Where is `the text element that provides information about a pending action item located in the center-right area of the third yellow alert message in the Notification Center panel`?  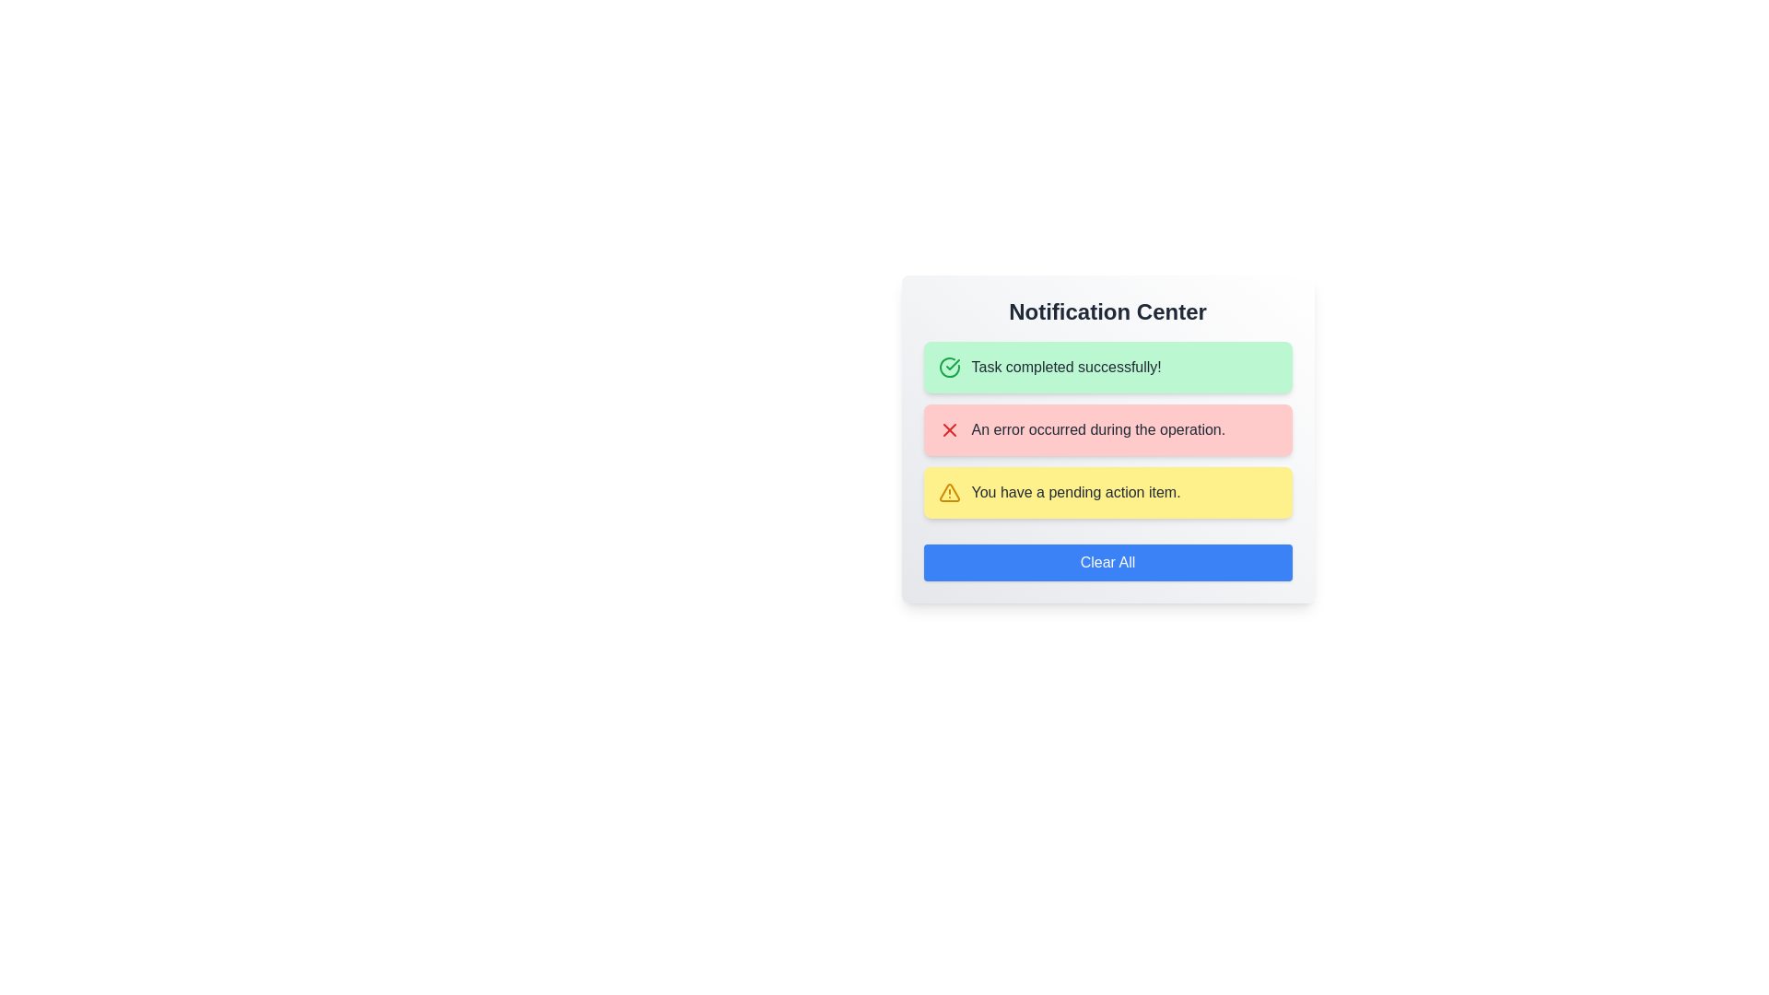
the text element that provides information about a pending action item located in the center-right area of the third yellow alert message in the Notification Center panel is located at coordinates (1076, 492).